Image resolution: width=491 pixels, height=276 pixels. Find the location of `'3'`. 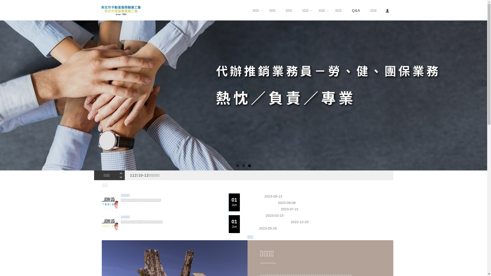

'3' is located at coordinates (248, 166).